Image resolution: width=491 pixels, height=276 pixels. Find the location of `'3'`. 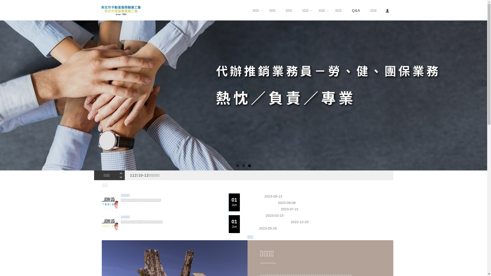

'3' is located at coordinates (248, 166).